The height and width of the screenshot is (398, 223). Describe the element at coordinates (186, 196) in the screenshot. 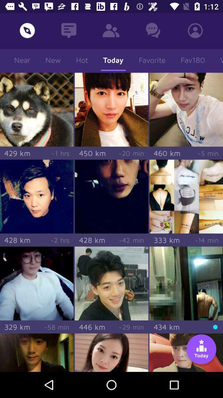

I see `the image which is 333 km  14 min` at that location.